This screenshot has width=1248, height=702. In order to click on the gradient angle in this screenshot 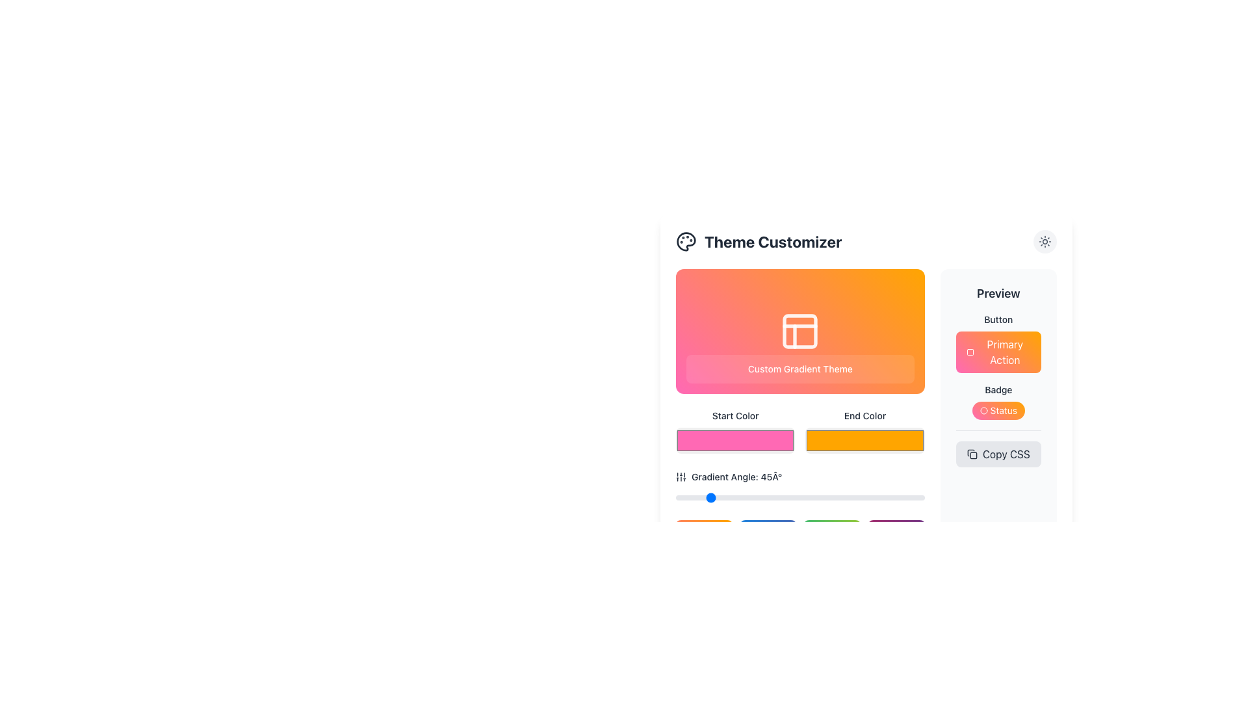, I will do `click(916, 497)`.